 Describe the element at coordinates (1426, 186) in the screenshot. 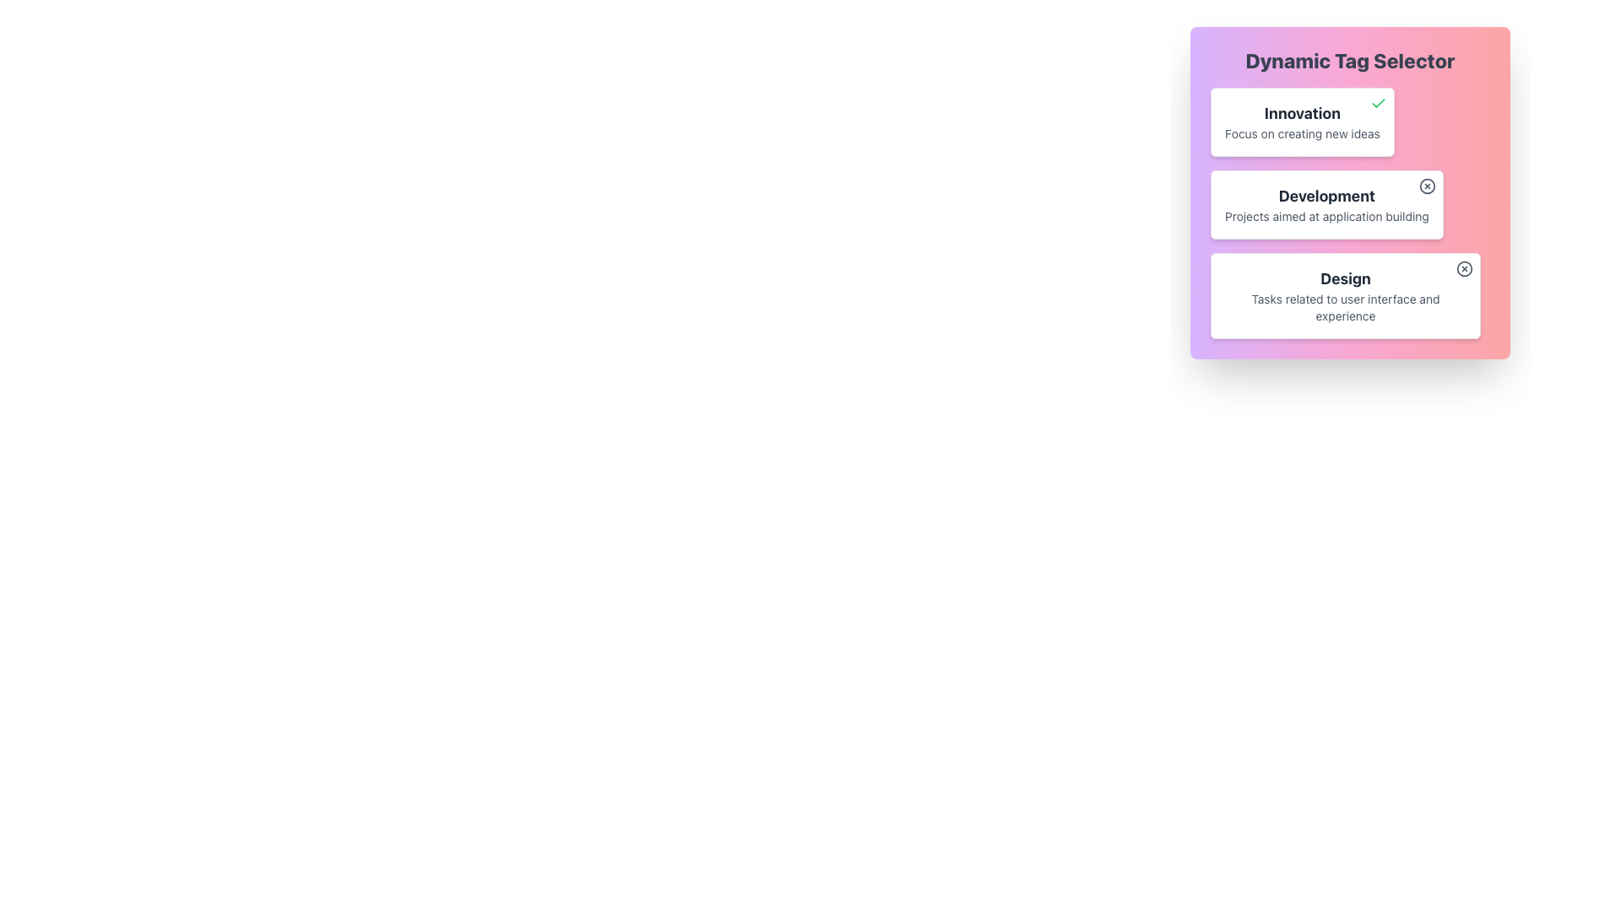

I see `the close icon in the top-right corner of the 'Development' card` at that location.